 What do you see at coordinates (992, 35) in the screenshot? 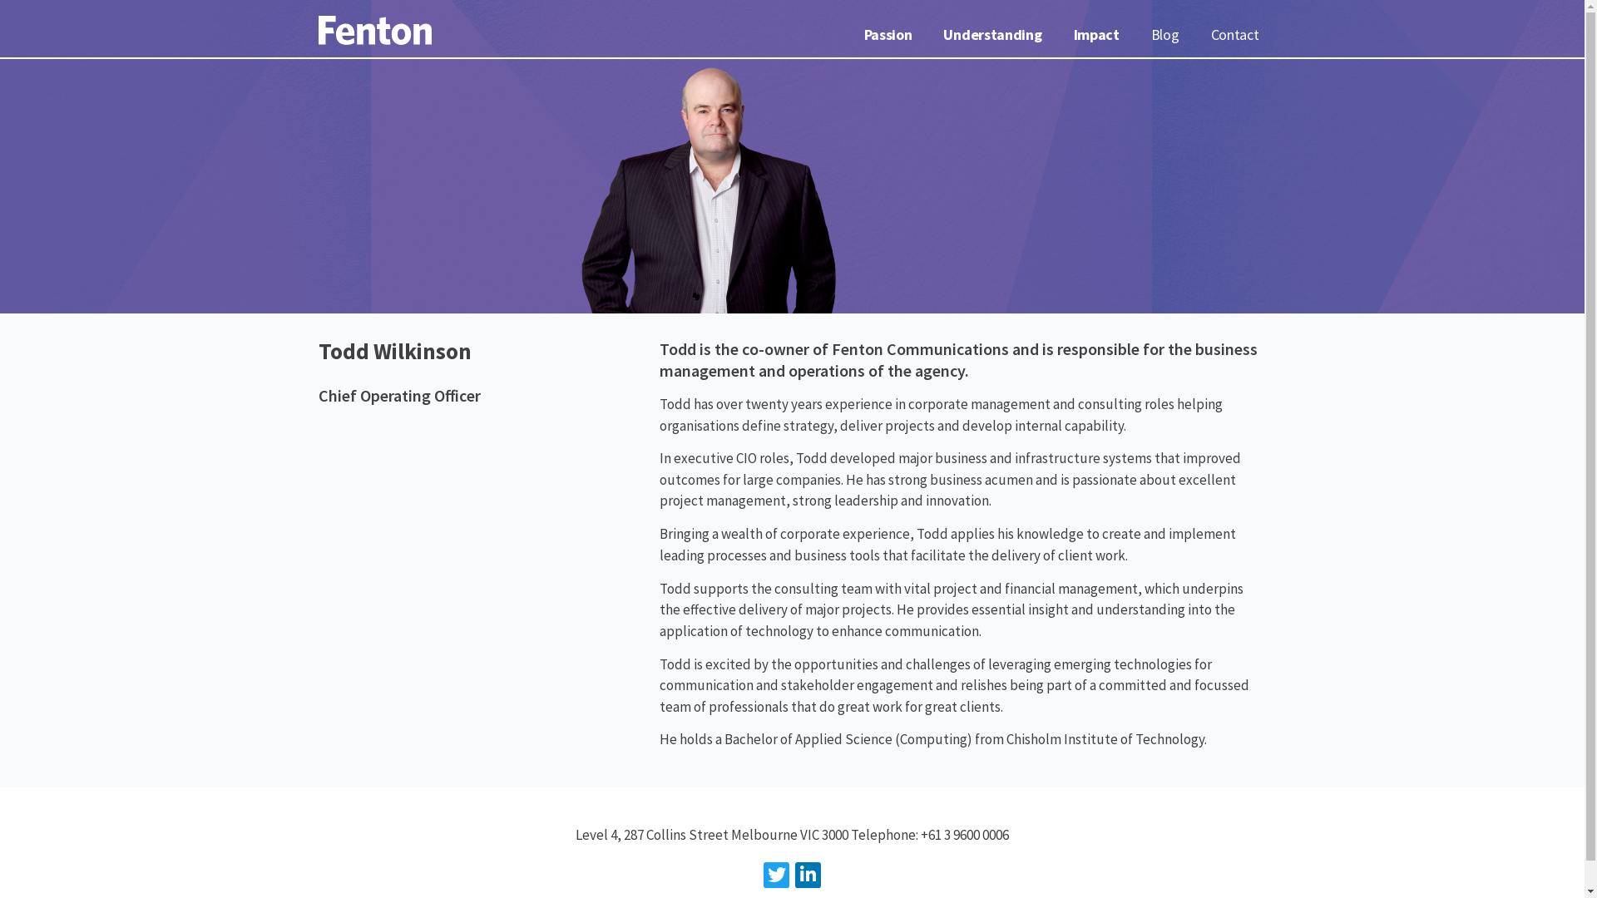
I see `'Understanding'` at bounding box center [992, 35].